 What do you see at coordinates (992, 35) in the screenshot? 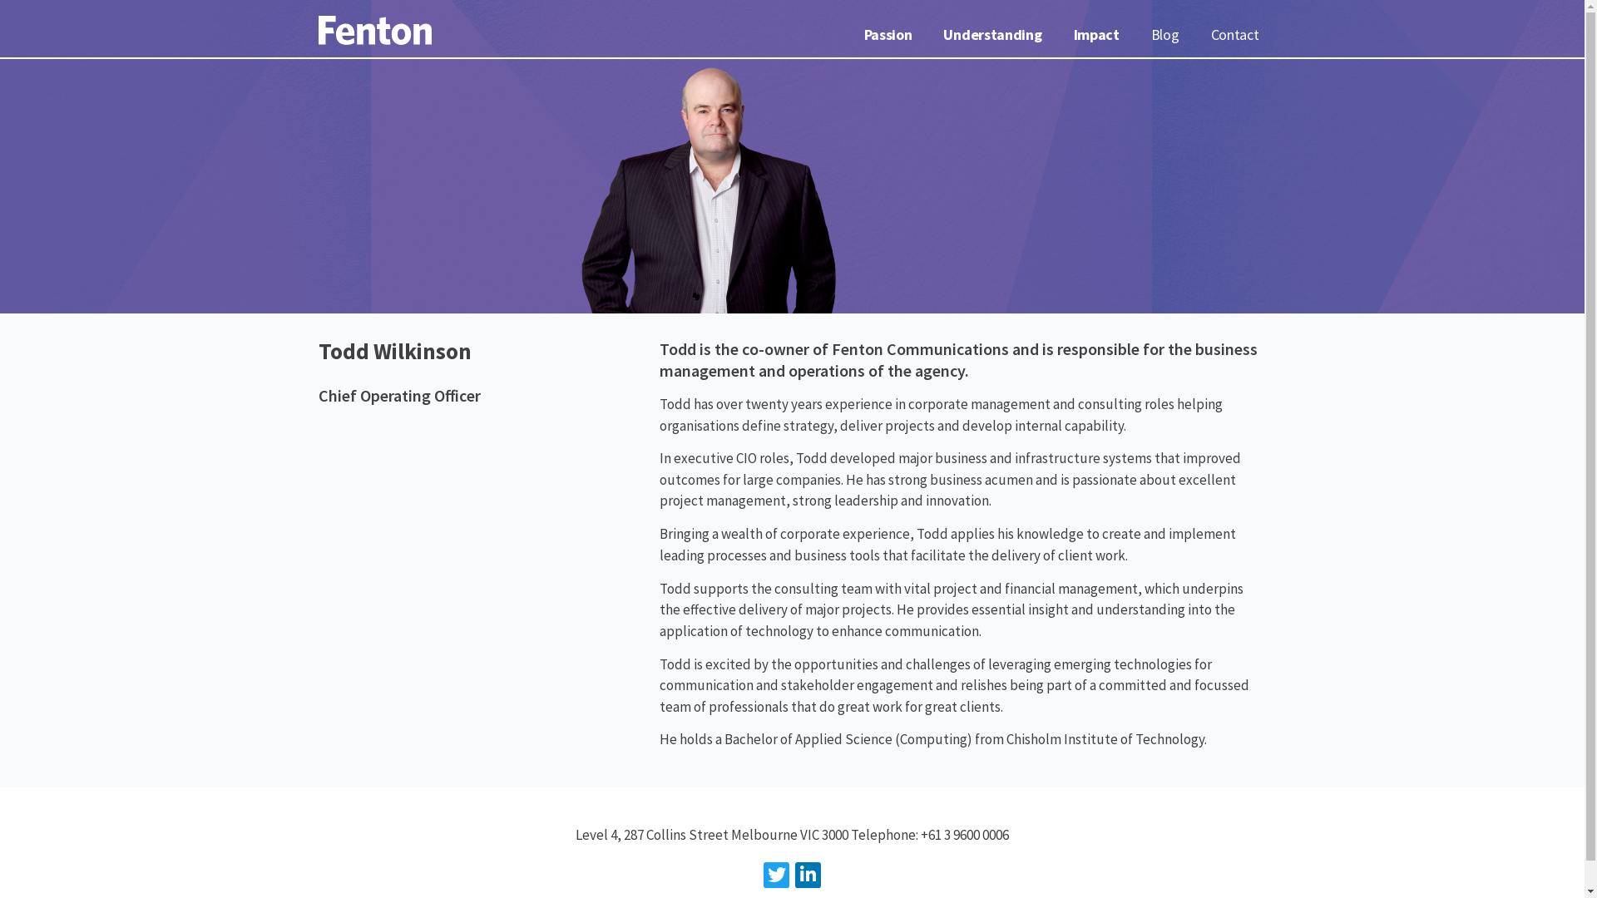
I see `'Understanding'` at bounding box center [992, 35].